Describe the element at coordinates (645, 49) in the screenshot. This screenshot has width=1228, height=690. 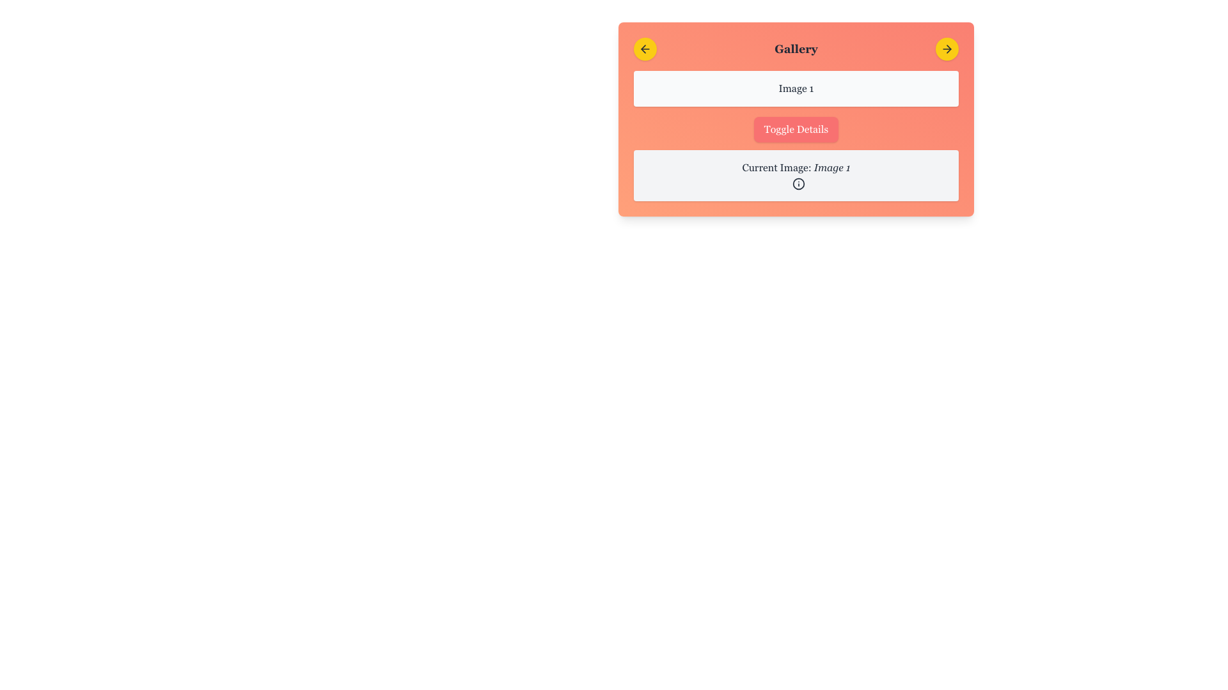
I see `the left-pointing arrow icon located within the yellow circular button at the top-left of the 'Gallery' panel` at that location.